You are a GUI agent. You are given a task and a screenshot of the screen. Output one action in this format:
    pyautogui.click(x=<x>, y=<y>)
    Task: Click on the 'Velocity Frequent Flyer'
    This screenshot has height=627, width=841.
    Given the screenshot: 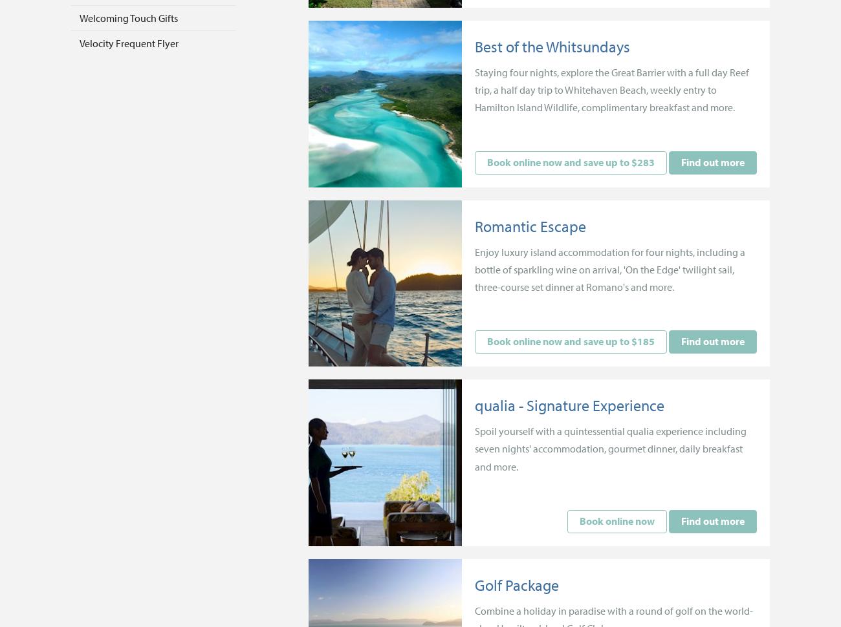 What is the action you would take?
    pyautogui.click(x=129, y=41)
    